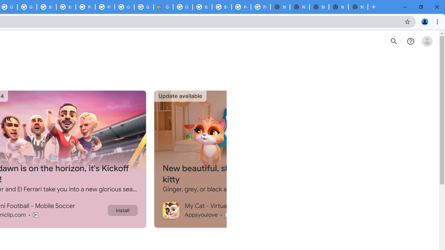 This screenshot has height=250, width=445. What do you see at coordinates (163, 7) in the screenshot?
I see `'Google Cloud Estimate Summary'` at bounding box center [163, 7].